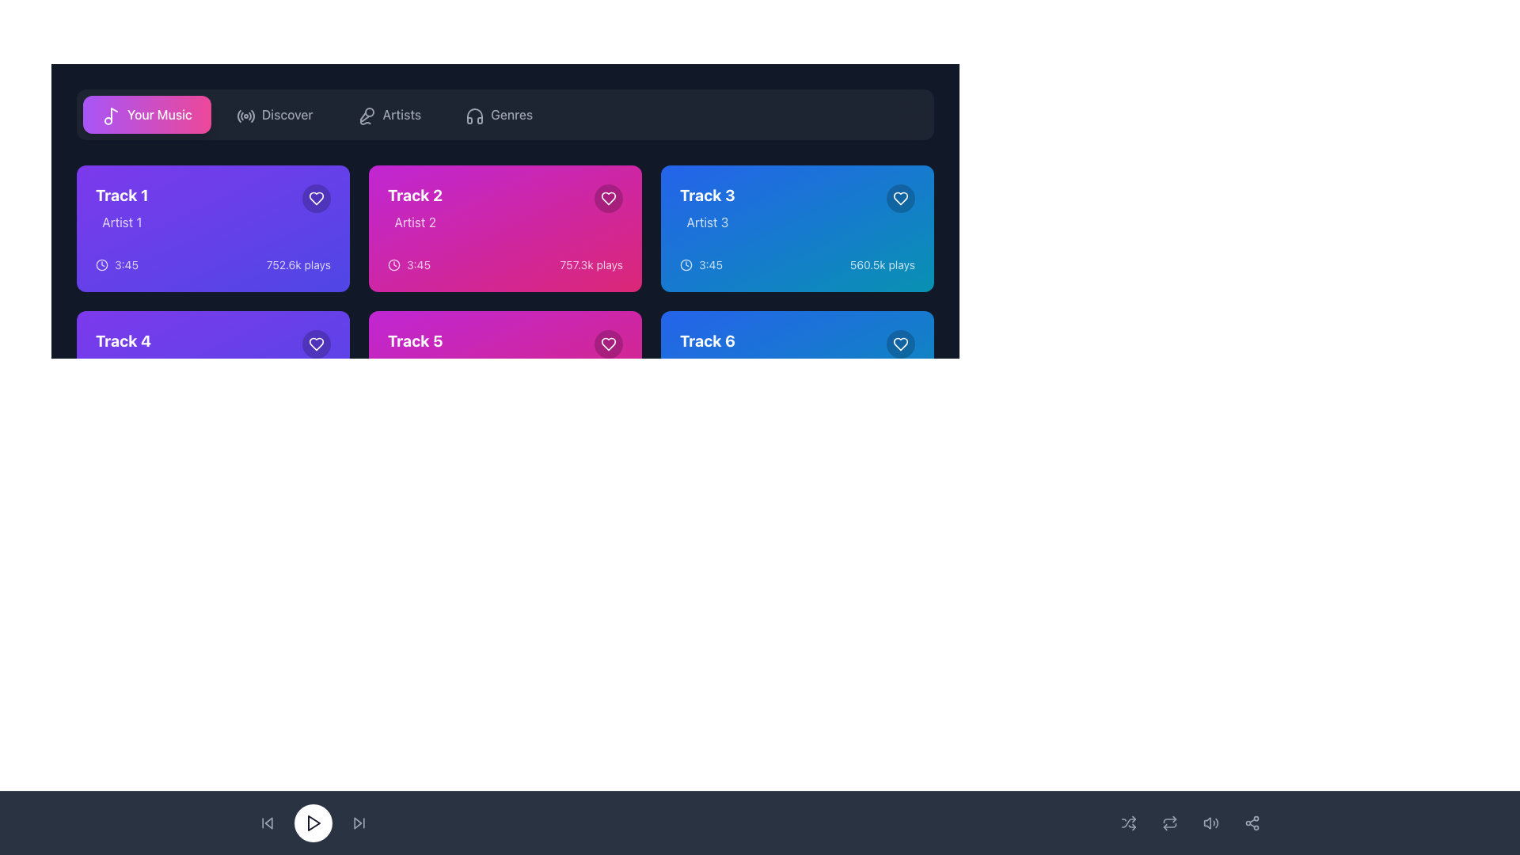  What do you see at coordinates (1170, 823) in the screenshot?
I see `the 'Repeat' button located` at bounding box center [1170, 823].